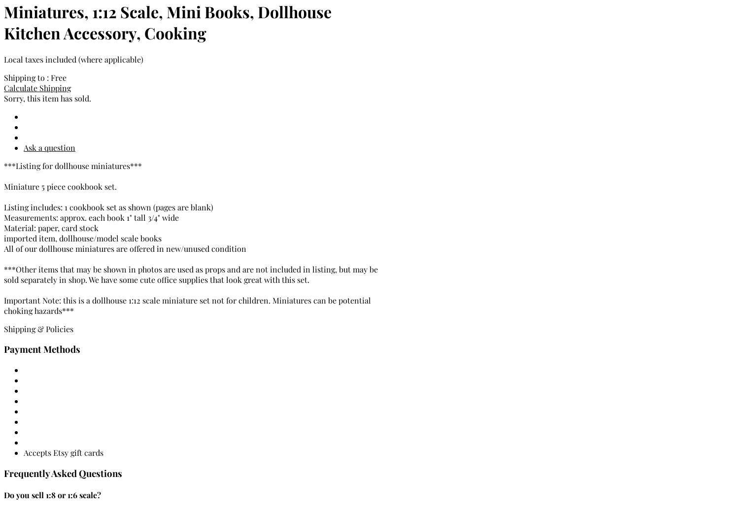 This screenshot has width=743, height=511. What do you see at coordinates (37, 87) in the screenshot?
I see `'Calculate Shipping'` at bounding box center [37, 87].